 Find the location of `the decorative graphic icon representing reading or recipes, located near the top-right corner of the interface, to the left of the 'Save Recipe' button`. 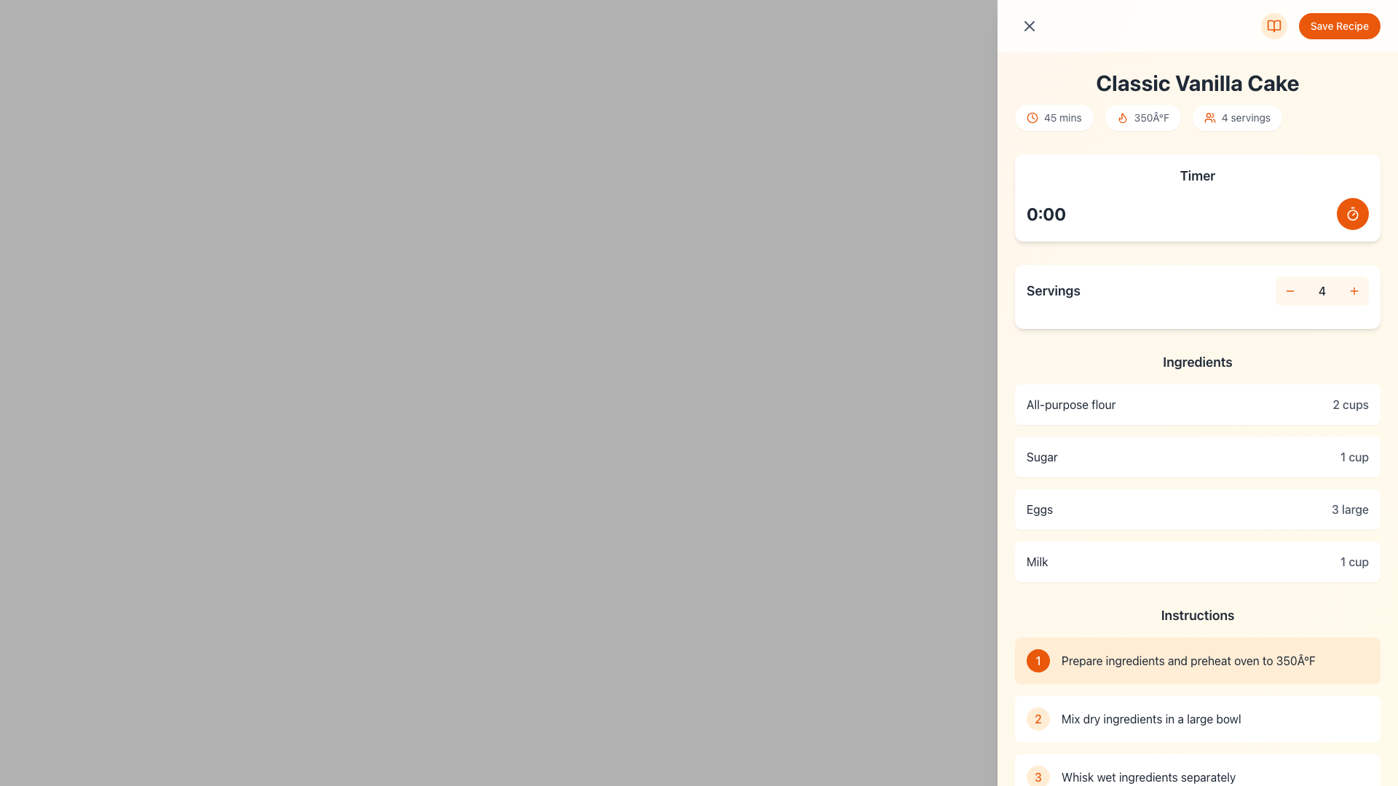

the decorative graphic icon representing reading or recipes, located near the top-right corner of the interface, to the left of the 'Save Recipe' button is located at coordinates (1273, 25).